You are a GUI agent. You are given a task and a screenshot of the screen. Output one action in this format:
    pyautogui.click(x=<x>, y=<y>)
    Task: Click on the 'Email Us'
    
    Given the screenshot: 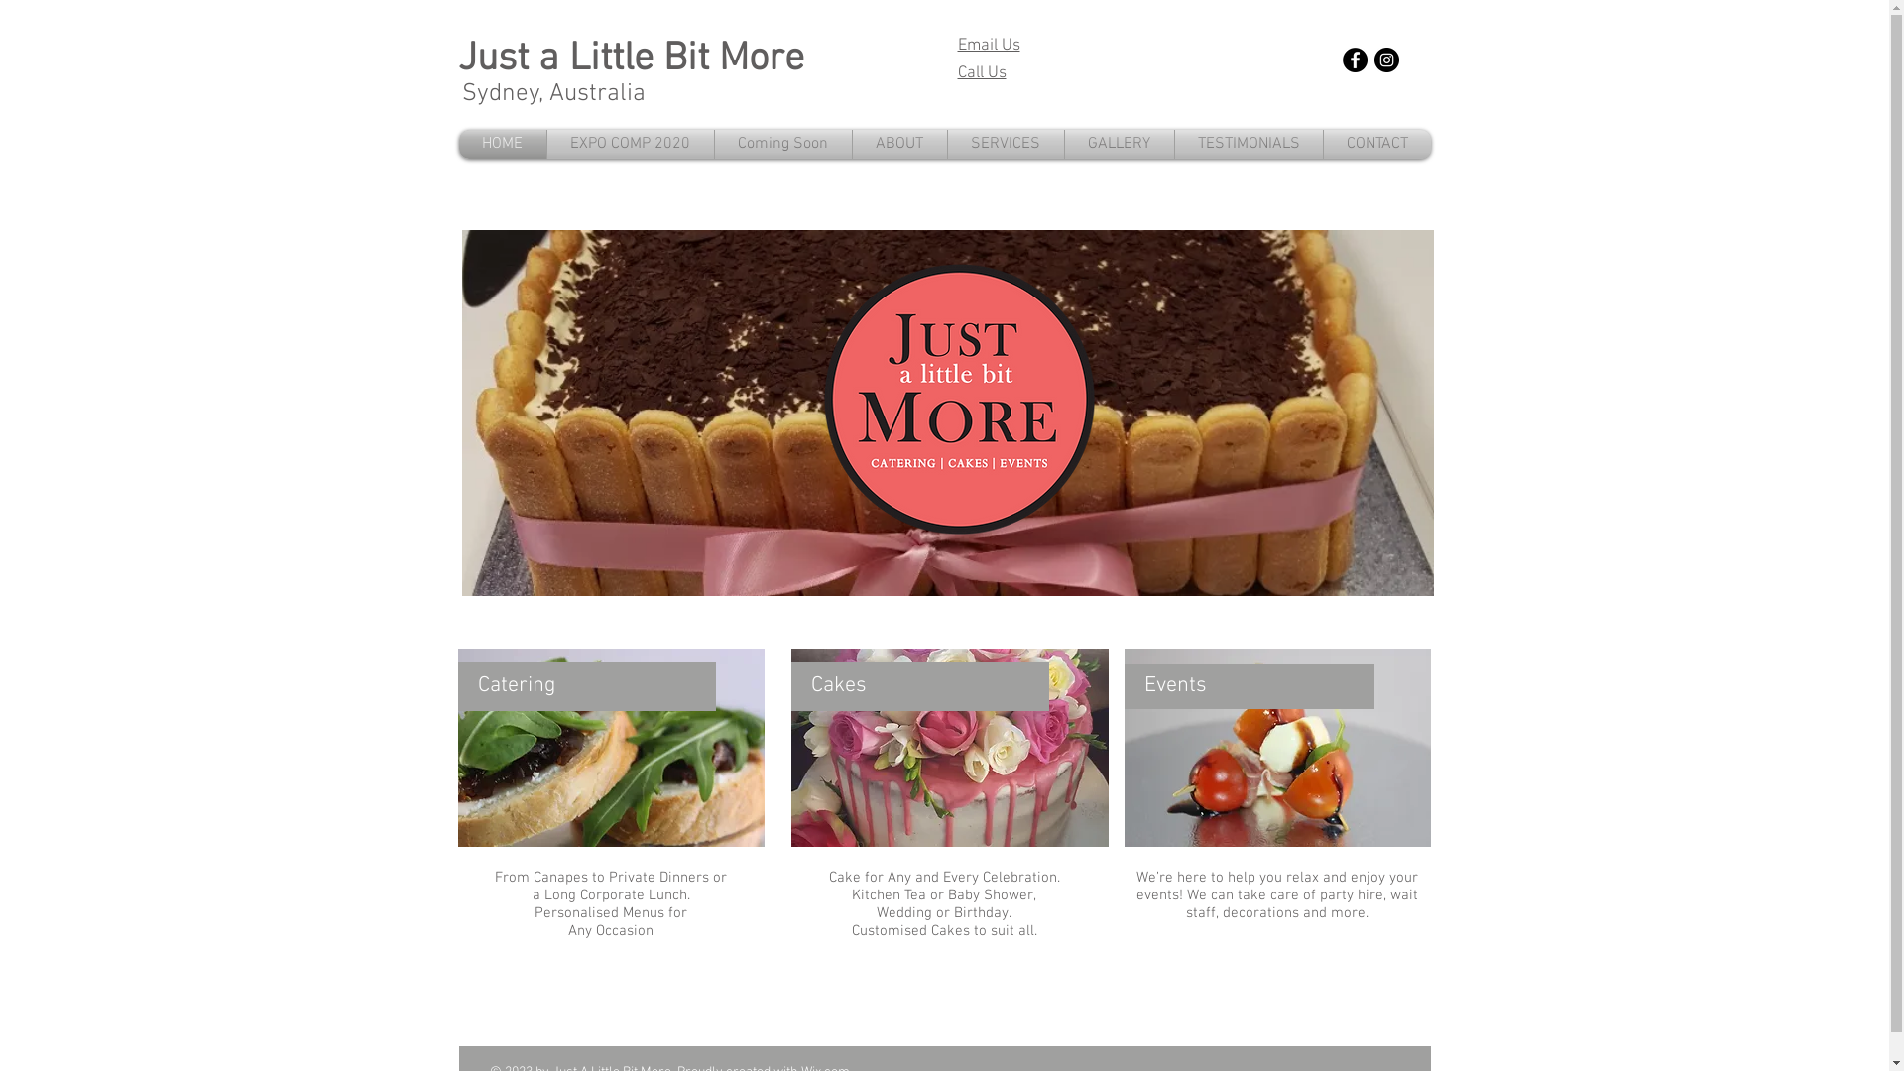 What is the action you would take?
    pyautogui.click(x=957, y=45)
    